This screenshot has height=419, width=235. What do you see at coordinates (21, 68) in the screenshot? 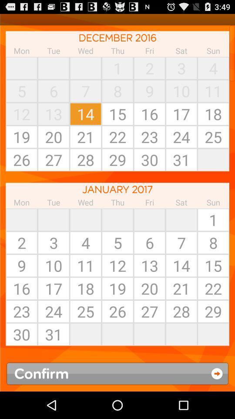
I see `item to the left of tue item` at bounding box center [21, 68].